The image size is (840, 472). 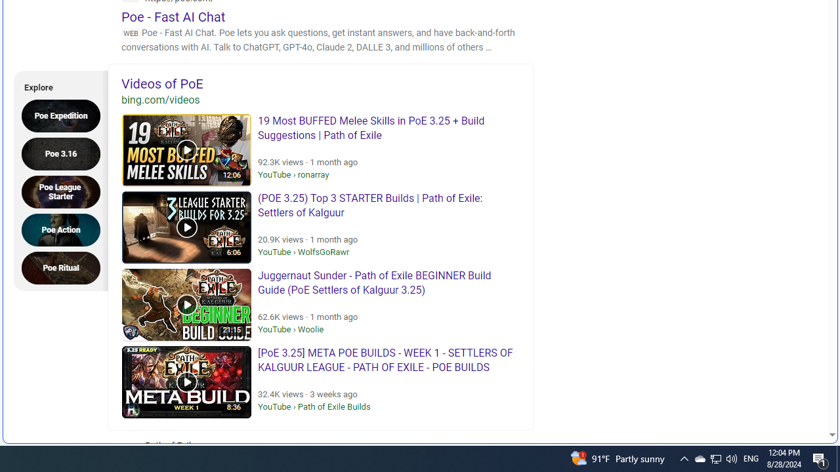 What do you see at coordinates (782, 395) in the screenshot?
I see `'AutomationID: mfa_root'` at bounding box center [782, 395].